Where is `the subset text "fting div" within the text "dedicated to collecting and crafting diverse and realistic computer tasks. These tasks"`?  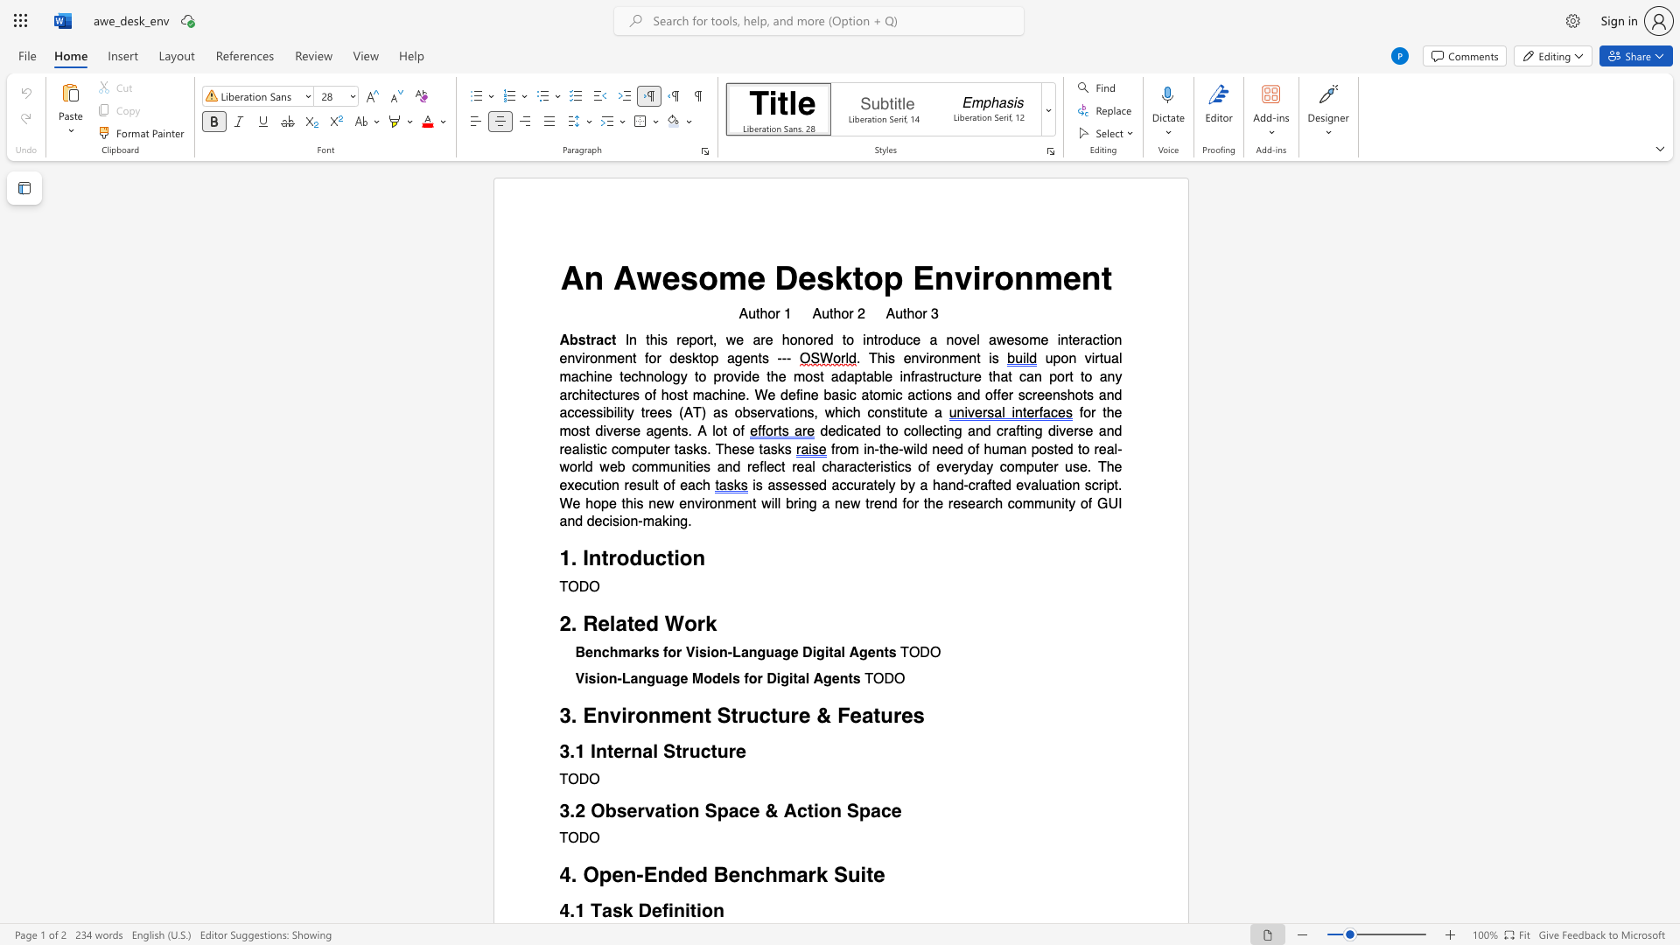 the subset text "fting div" within the text "dedicated to collecting and crafting diverse and realistic computer tasks. These tasks" is located at coordinates (1016, 430).